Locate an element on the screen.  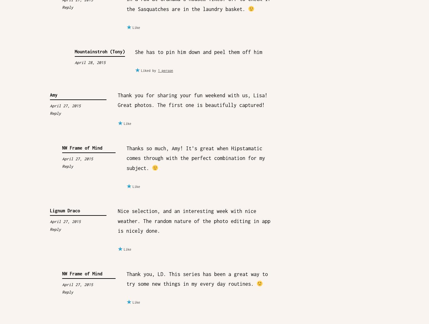
'Mountainstroh (Tony)' is located at coordinates (100, 51).